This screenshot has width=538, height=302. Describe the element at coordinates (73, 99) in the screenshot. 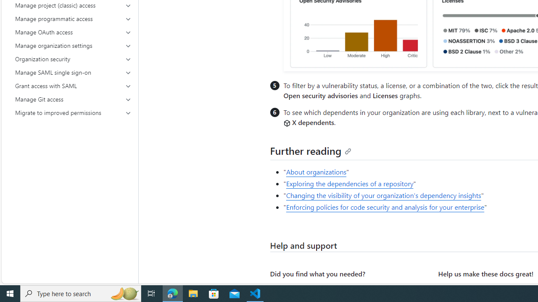

I see `'Manage Git access'` at that location.